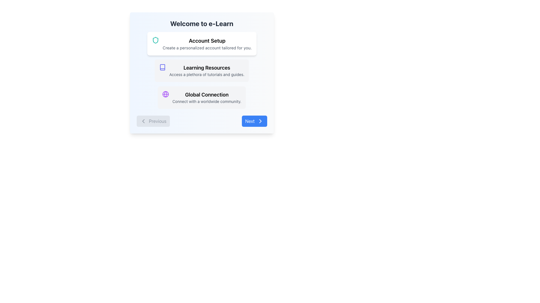 Image resolution: width=540 pixels, height=303 pixels. What do you see at coordinates (143, 121) in the screenshot?
I see `the 'Previous' button, which includes a leftward chevron icon positioned to the left of the text 'Previous,' located at the bottom-left corner of the central card` at bounding box center [143, 121].